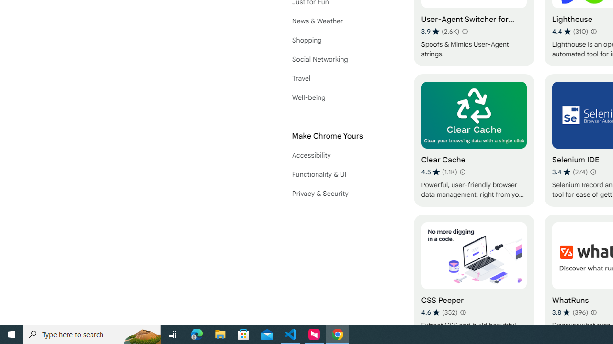  I want to click on 'Shopping', so click(335, 39).